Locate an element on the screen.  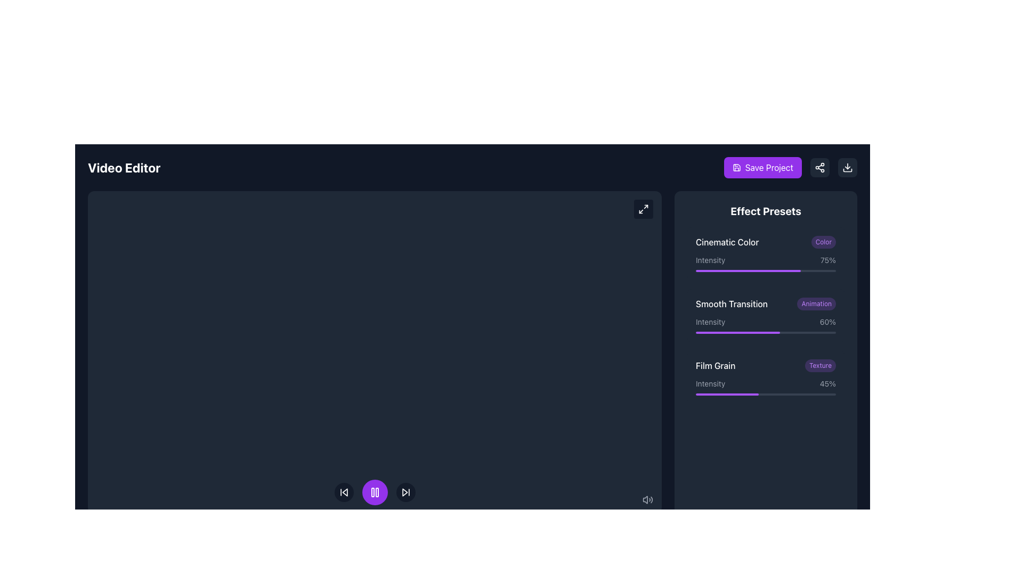
the button styled as a square with rounded edges, featuring an icon of two diagonal arrows pointing outward, located at the top-right corner of the video editing canvas is located at coordinates (643, 209).